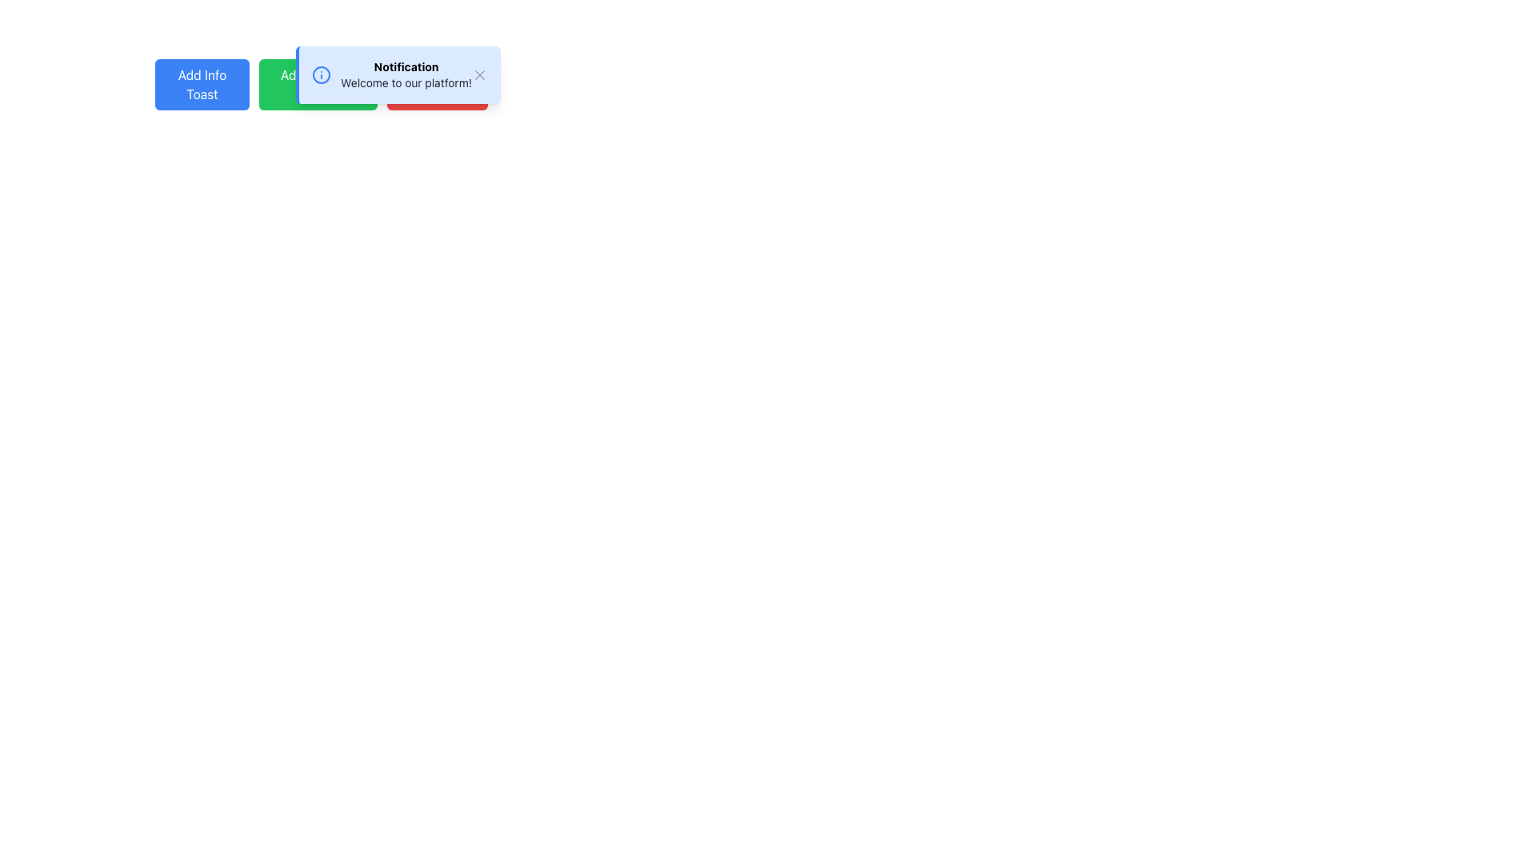 Image resolution: width=1536 pixels, height=864 pixels. What do you see at coordinates (406, 74) in the screenshot?
I see `the Text Block that displays 'Notification' in bold and 'Welcome to our platform!' in gray, which is centered within a light blue background box` at bounding box center [406, 74].